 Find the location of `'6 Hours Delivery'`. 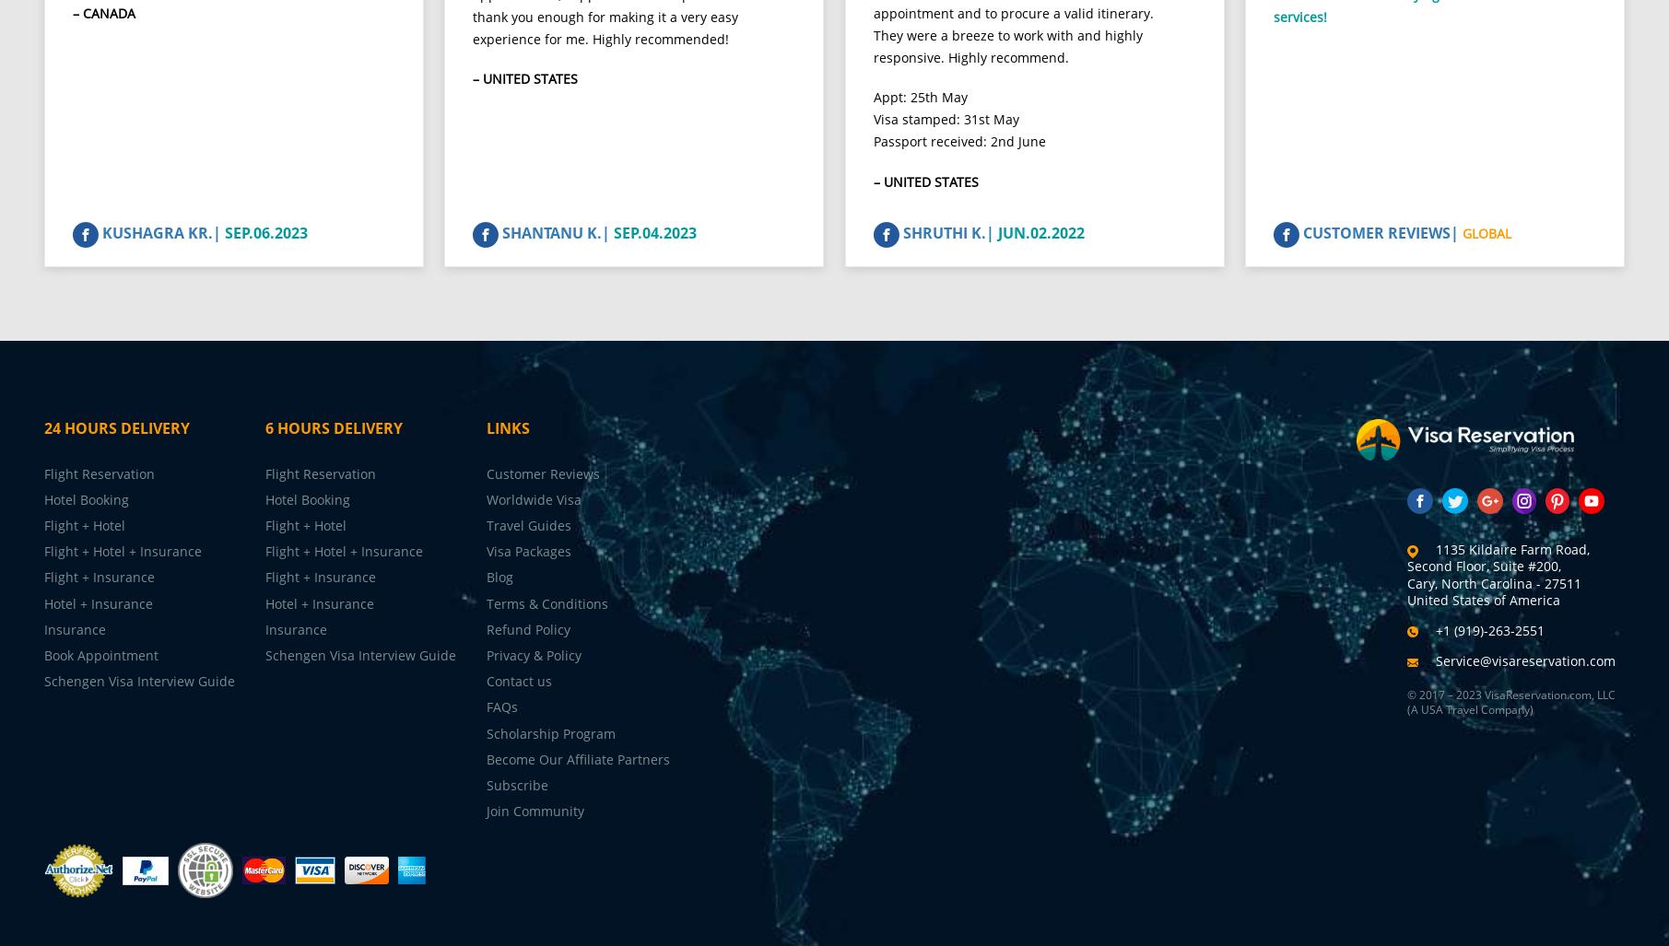

'6 Hours Delivery' is located at coordinates (333, 443).